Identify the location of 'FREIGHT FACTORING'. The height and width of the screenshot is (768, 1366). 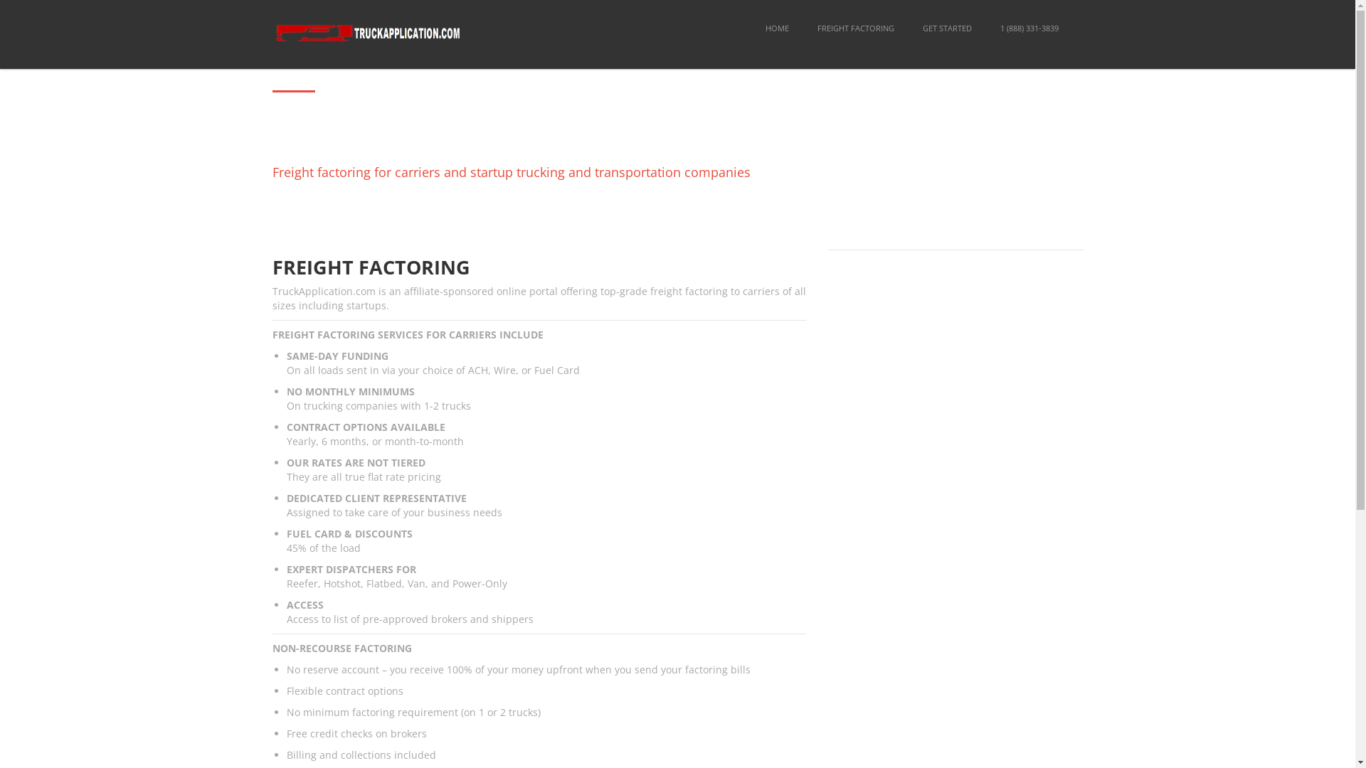
(942, 29).